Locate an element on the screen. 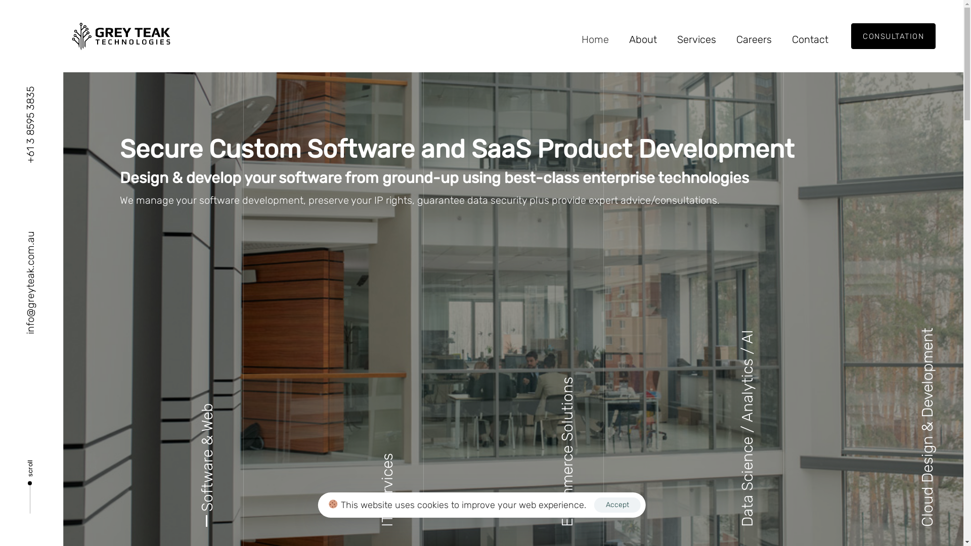 The height and width of the screenshot is (546, 971). 'Ecommerce Solutions' is located at coordinates (567, 451).